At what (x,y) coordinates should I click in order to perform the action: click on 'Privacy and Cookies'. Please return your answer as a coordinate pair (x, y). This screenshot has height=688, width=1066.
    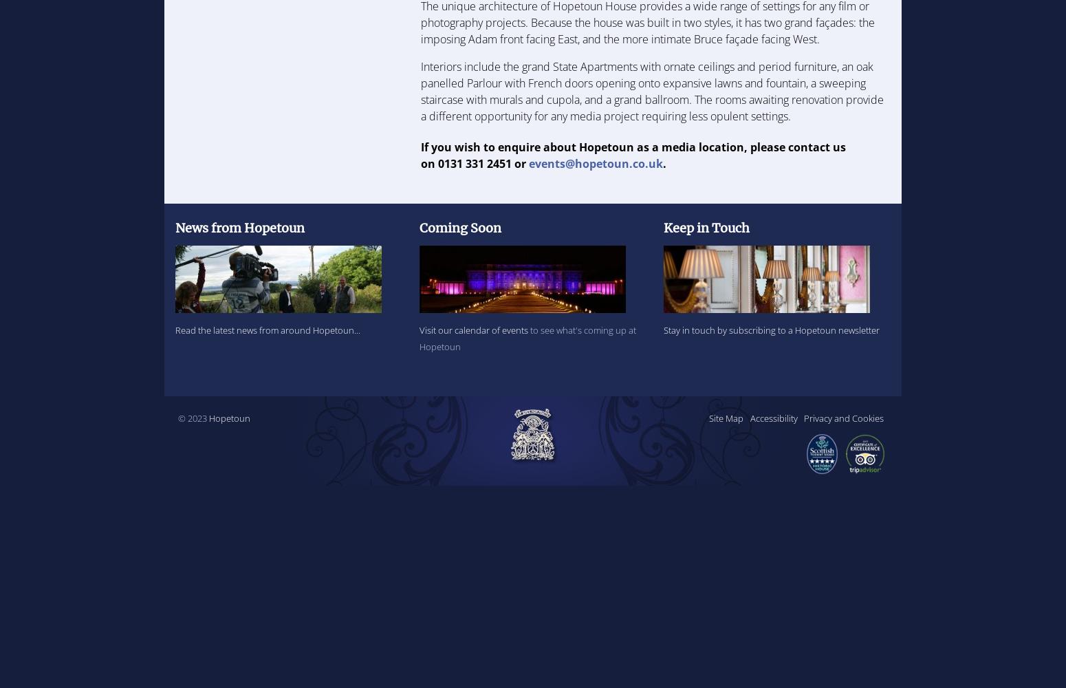
    Looking at the image, I should click on (843, 417).